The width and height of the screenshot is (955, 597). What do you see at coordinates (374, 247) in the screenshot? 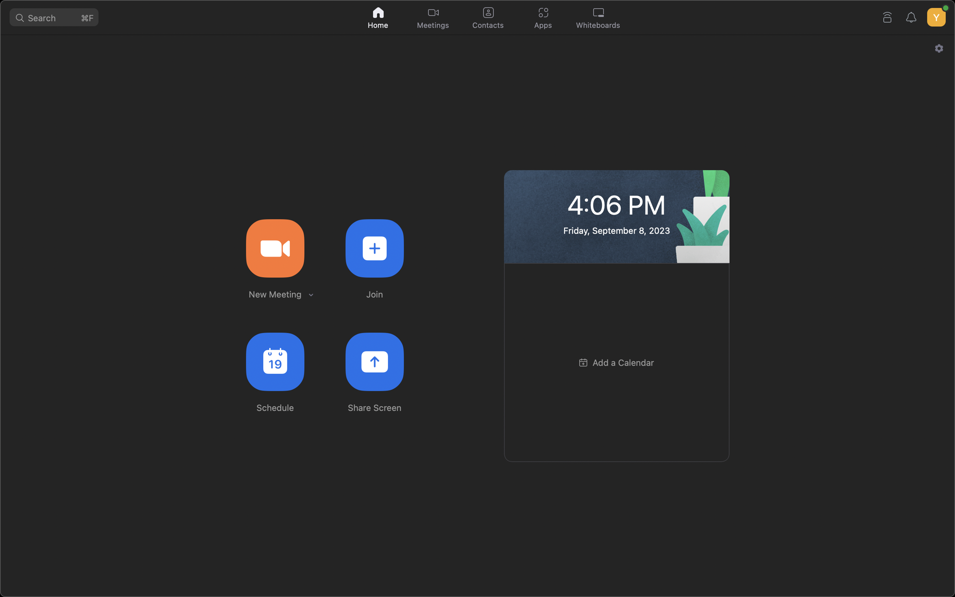
I see `Connect to the web meeting using the provided ID ABCDEFGH` at bounding box center [374, 247].